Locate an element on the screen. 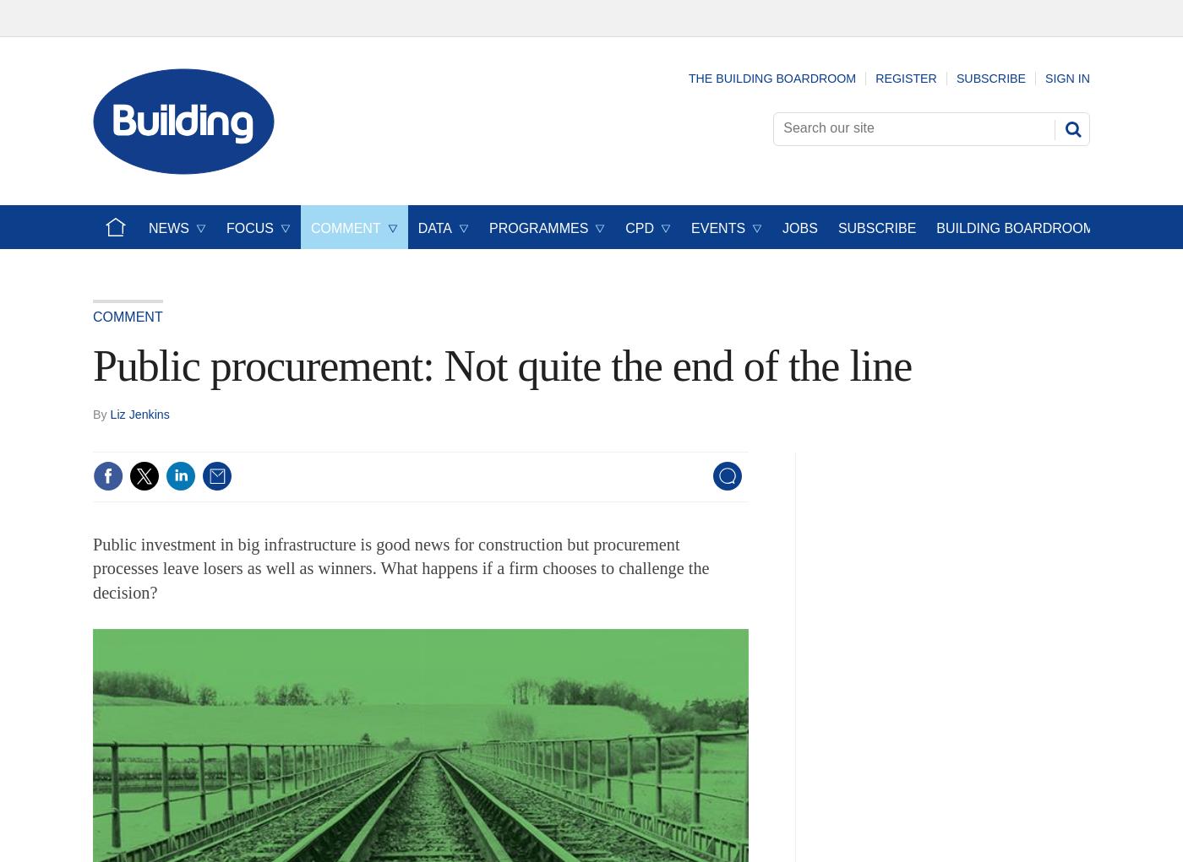  'Public investment in big infrastructure is good news for construction but procurement processes leave losers as well as winners. What happens if a firm chooses to challenge the decision?' is located at coordinates (401, 568).